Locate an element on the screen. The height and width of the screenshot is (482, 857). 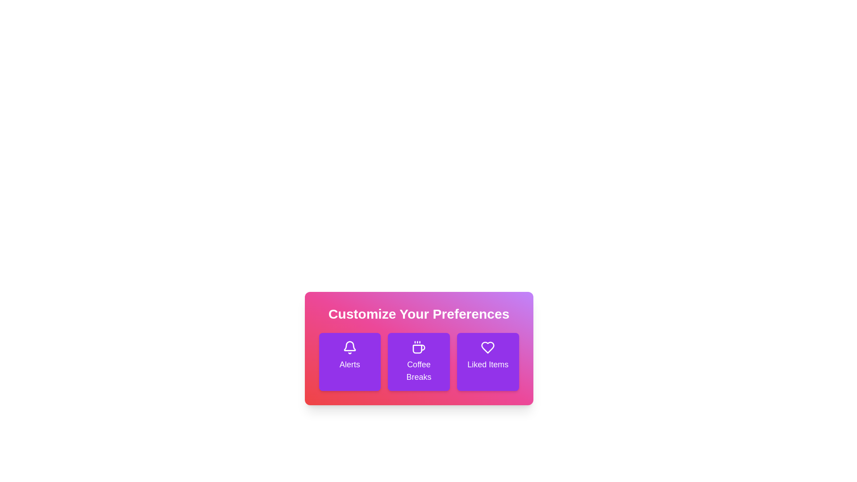
the heart-shaped icon filled with purple color inside the 'Liked Items' button located in the 'Customize Your Preferences' section is located at coordinates (487, 347).